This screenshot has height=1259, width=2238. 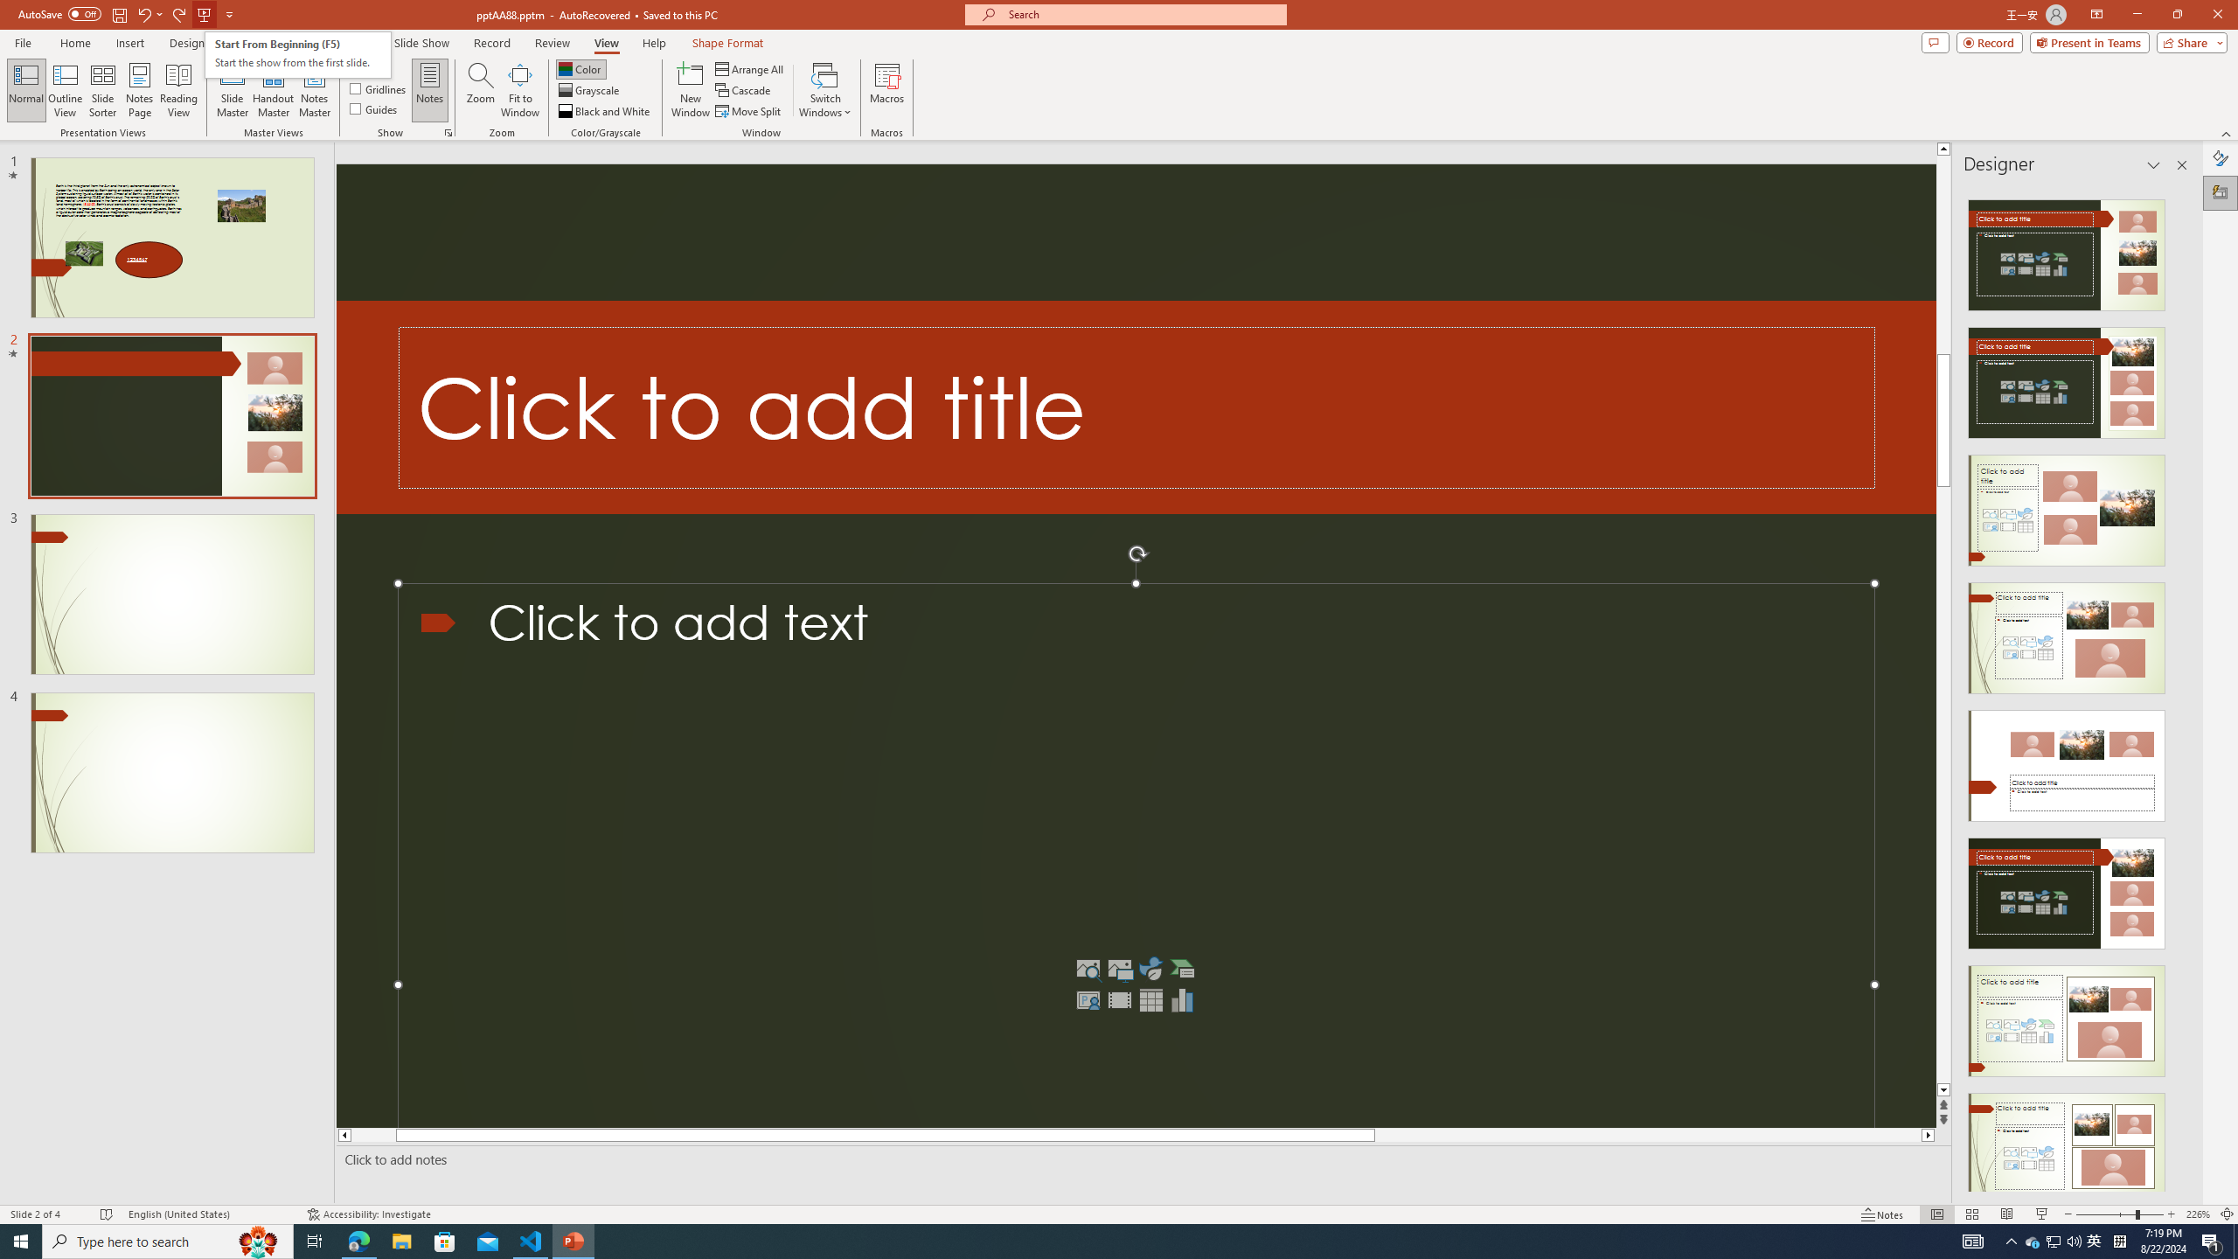 I want to click on 'New Window', so click(x=689, y=90).